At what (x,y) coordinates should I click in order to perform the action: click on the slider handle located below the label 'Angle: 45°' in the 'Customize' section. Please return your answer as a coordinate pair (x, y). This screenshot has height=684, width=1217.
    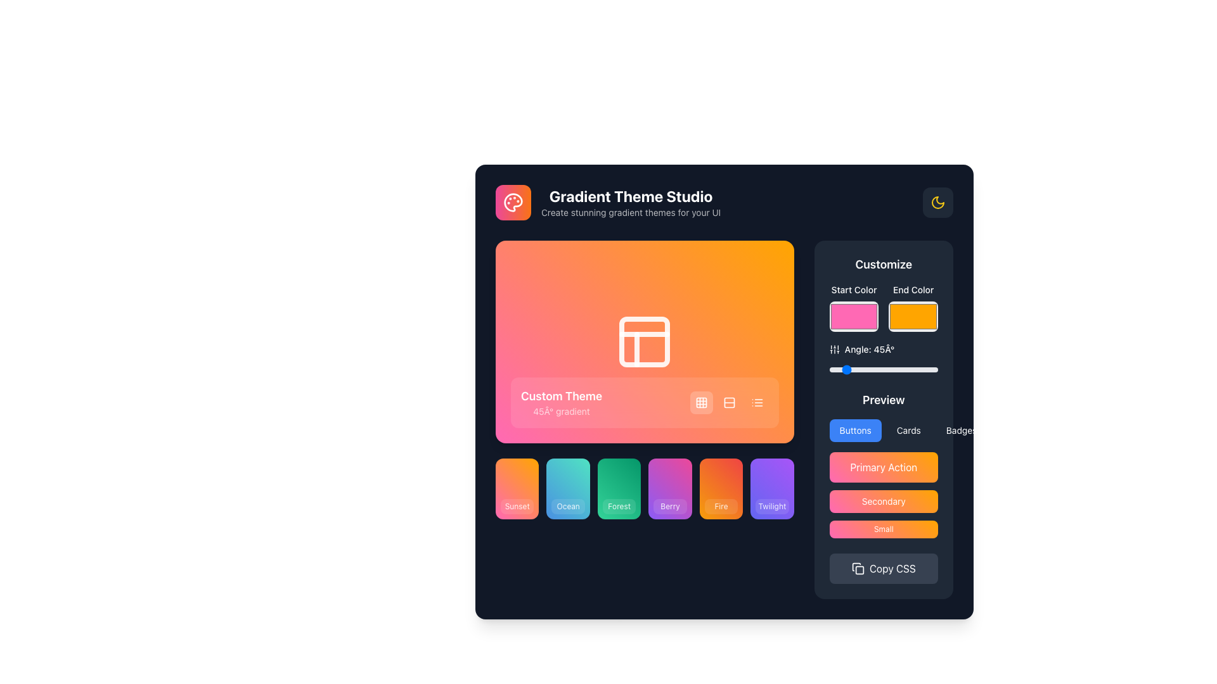
    Looking at the image, I should click on (883, 369).